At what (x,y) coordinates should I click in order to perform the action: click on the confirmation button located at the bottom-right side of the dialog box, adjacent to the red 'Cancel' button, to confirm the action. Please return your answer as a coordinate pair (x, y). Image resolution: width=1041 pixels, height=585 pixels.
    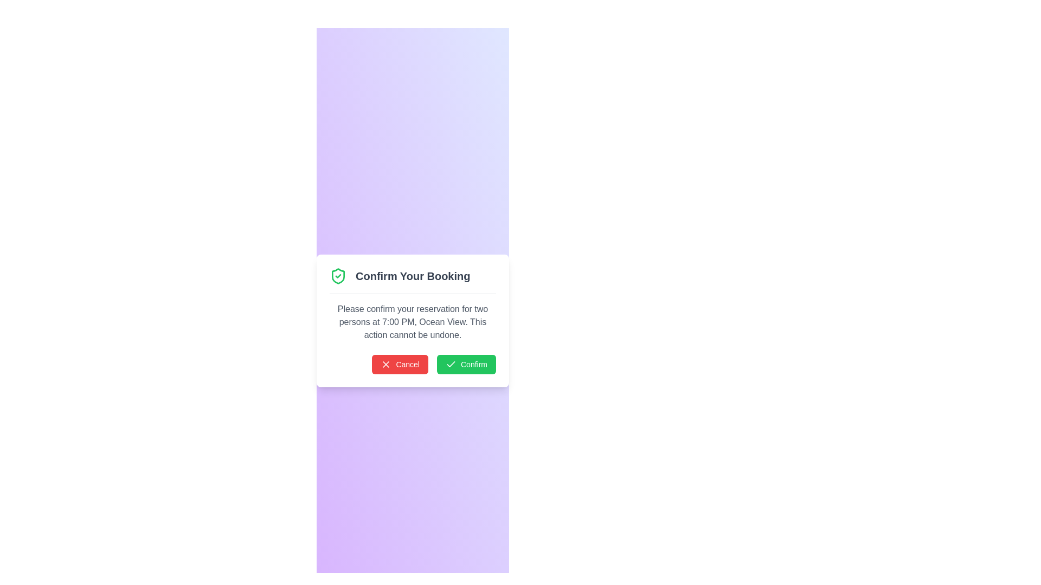
    Looking at the image, I should click on (466, 364).